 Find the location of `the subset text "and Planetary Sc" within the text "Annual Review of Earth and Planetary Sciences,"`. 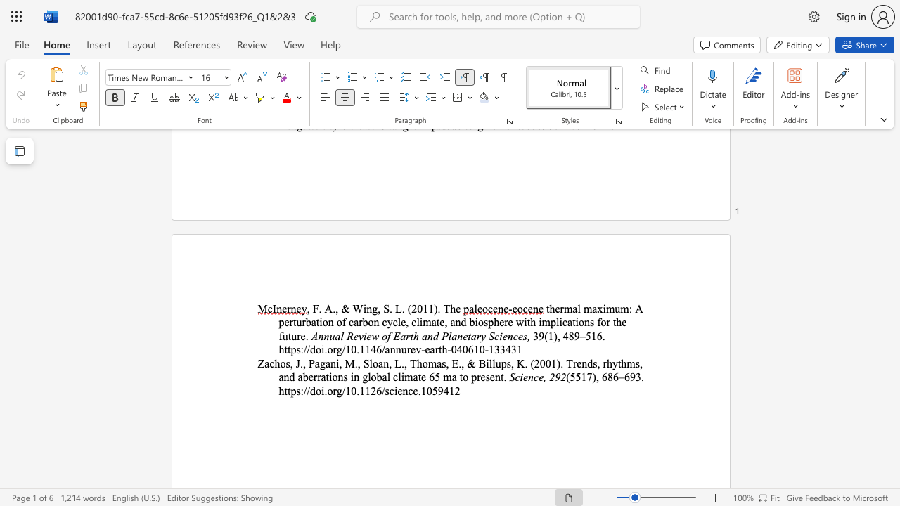

the subset text "and Planetary Sc" within the text "Annual Review of Earth and Planetary Sciences," is located at coordinates (421, 336).